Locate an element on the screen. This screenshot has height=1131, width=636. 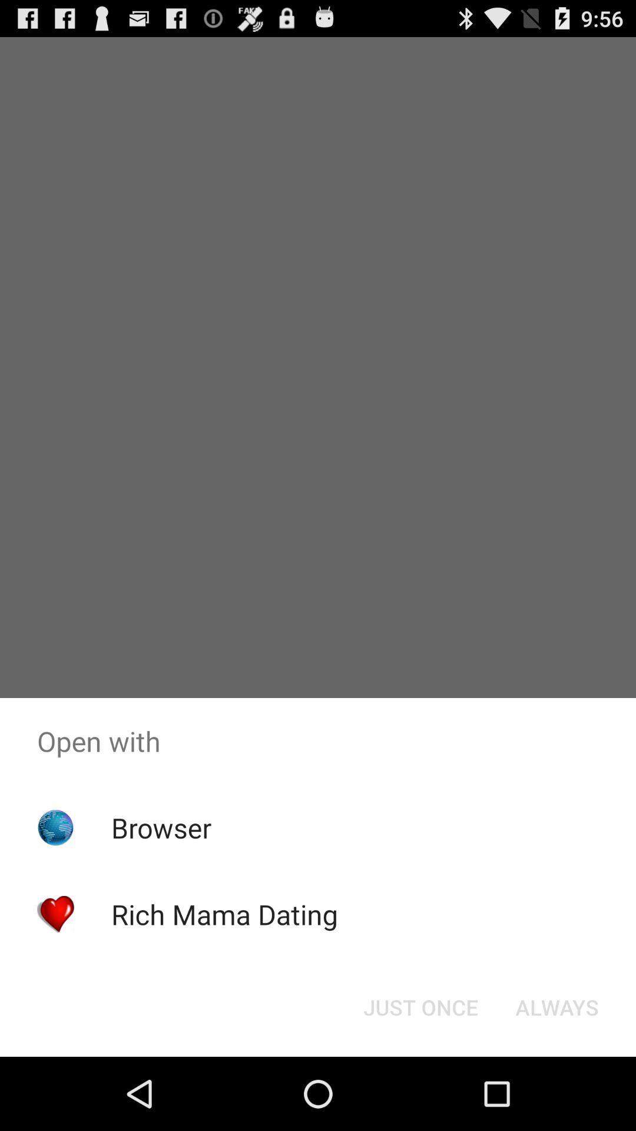
rich mama dating icon is located at coordinates (224, 914).